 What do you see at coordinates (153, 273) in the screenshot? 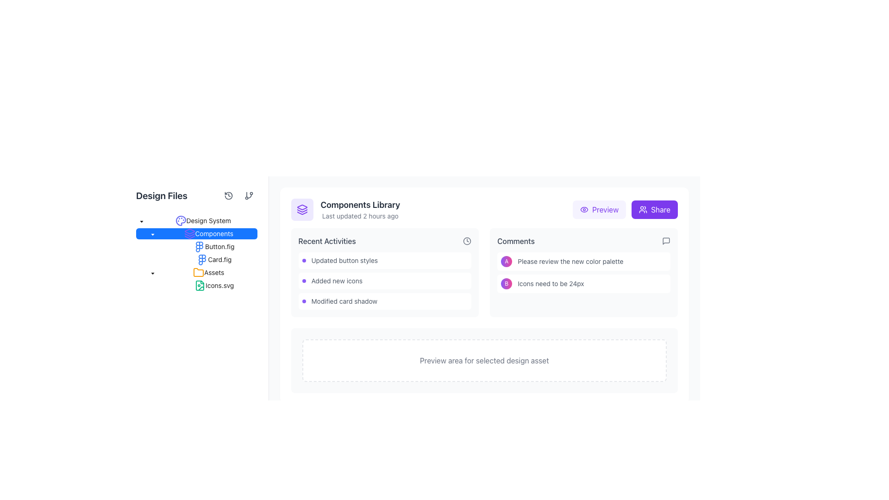
I see `the toggle icon located to the left of the 'Components' label in the file tree` at bounding box center [153, 273].